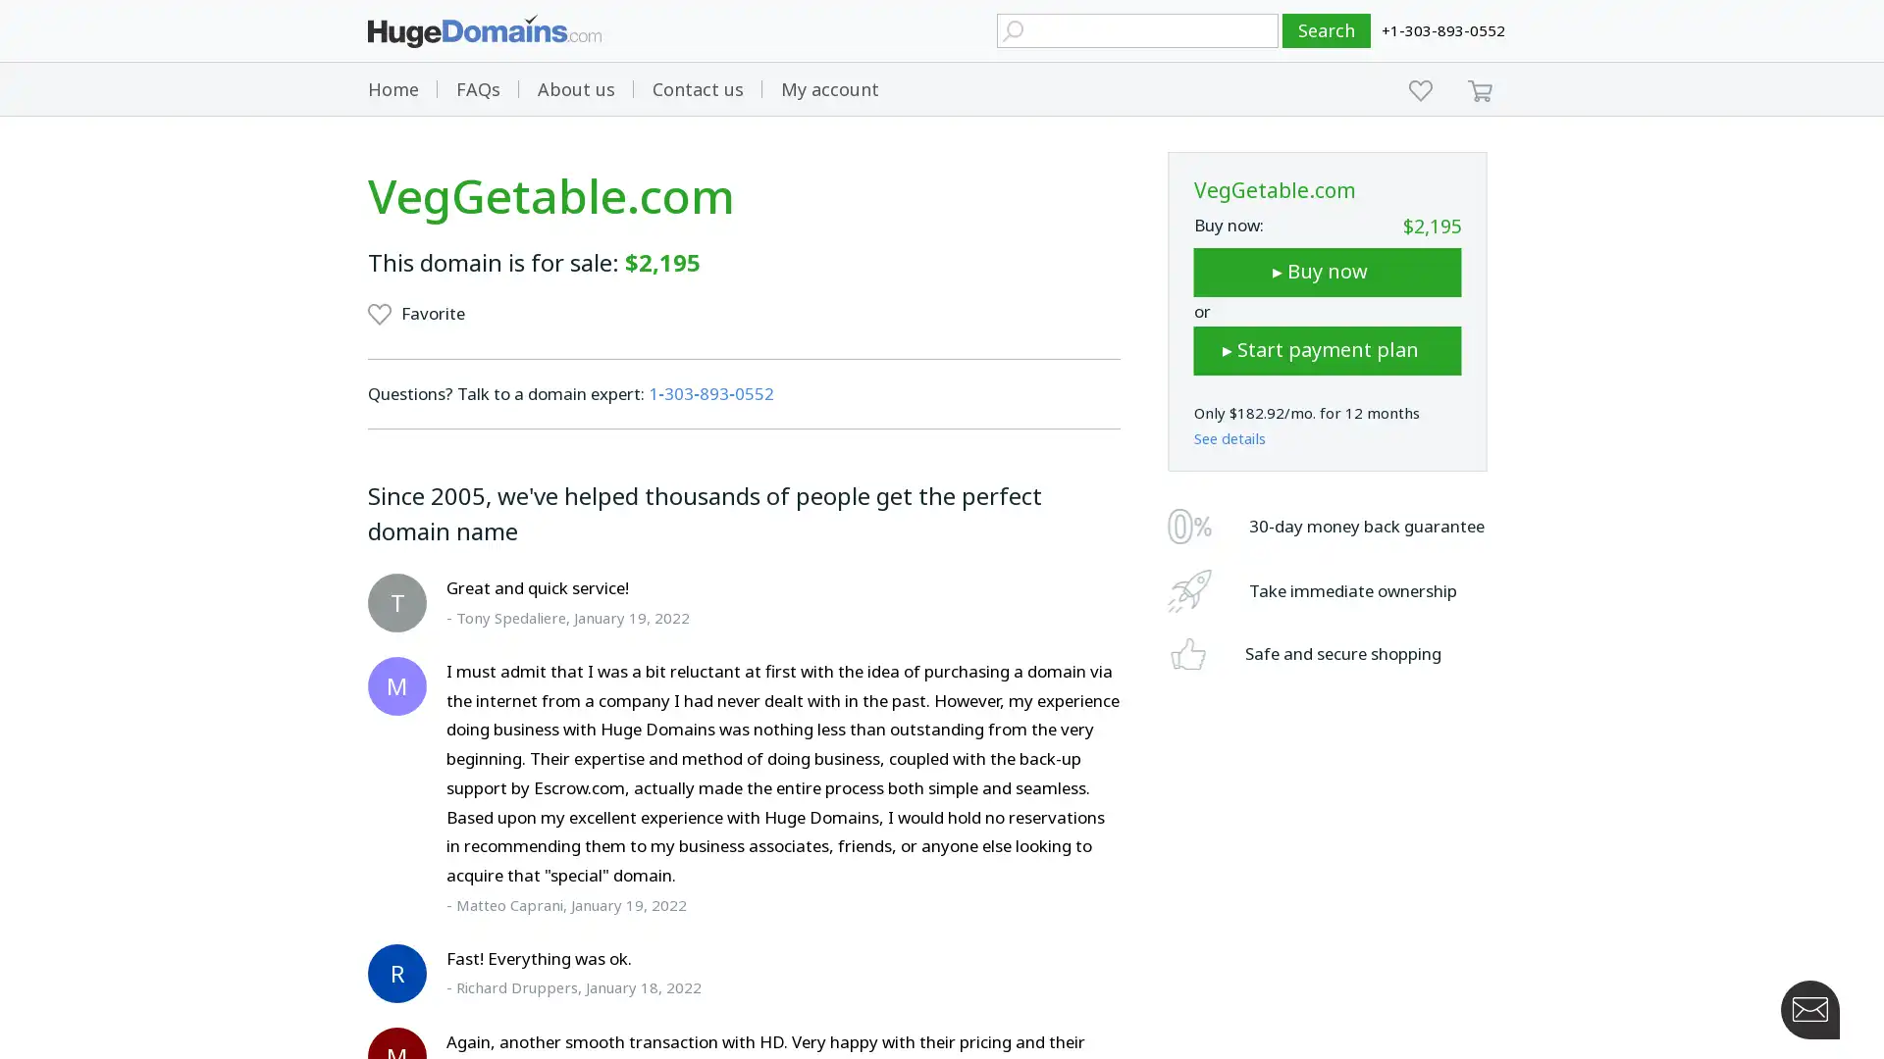  I want to click on Search, so click(1327, 30).